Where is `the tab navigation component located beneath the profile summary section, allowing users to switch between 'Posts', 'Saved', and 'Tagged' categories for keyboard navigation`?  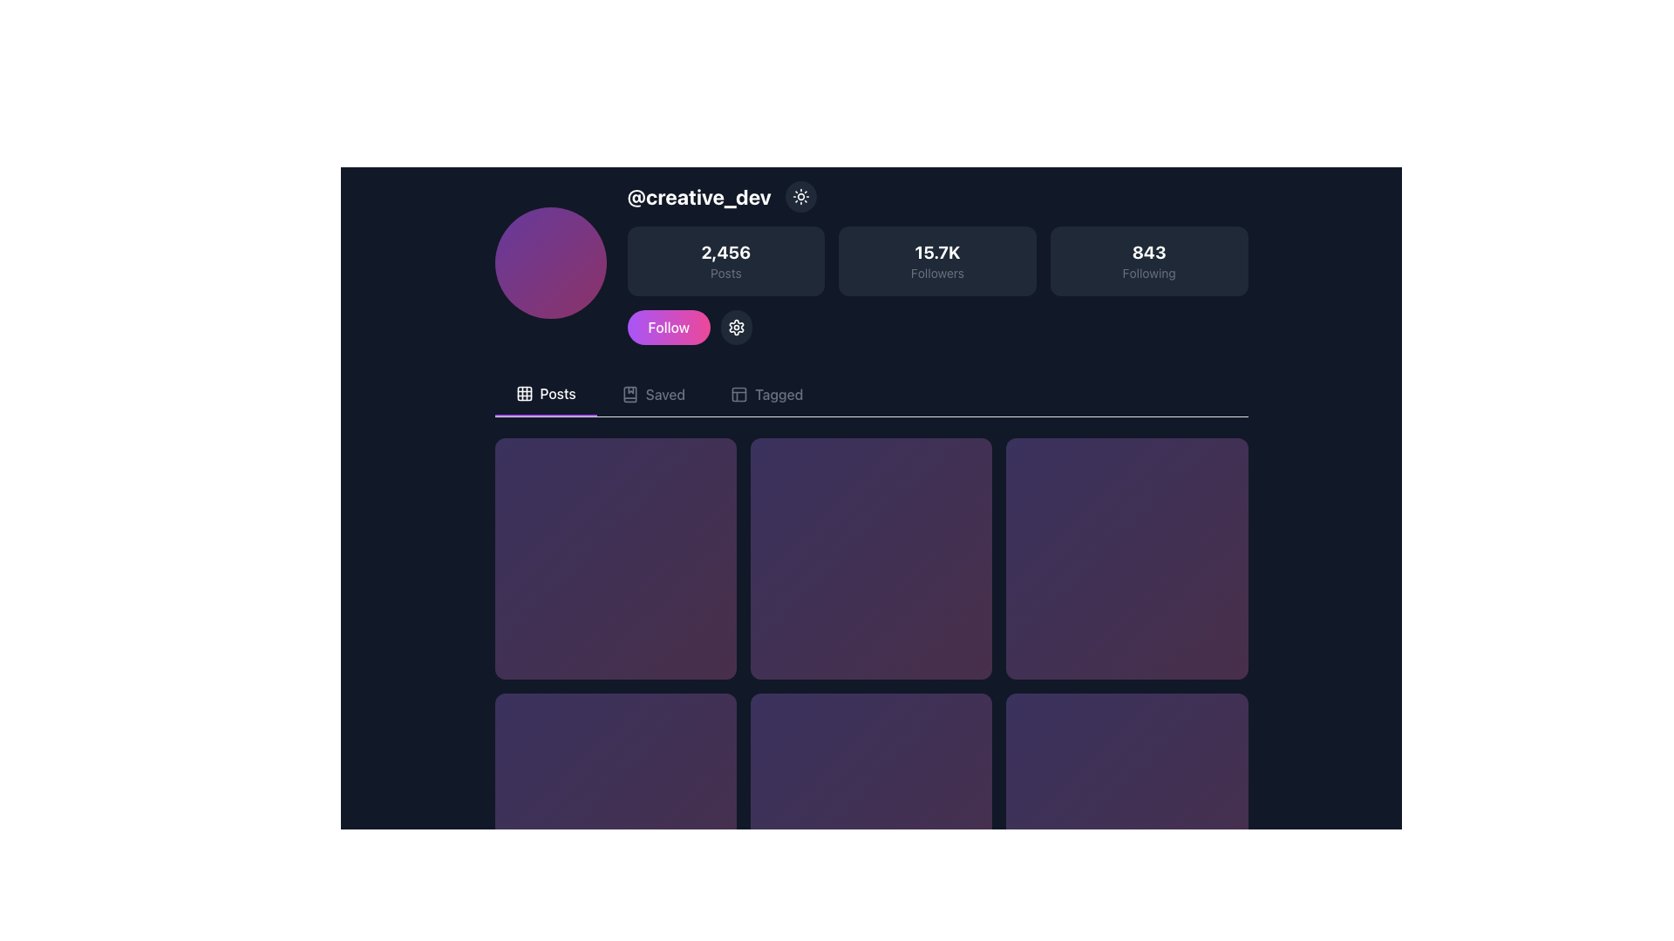 the tab navigation component located beneath the profile summary section, allowing users to switch between 'Posts', 'Saved', and 'Tagged' categories for keyboard navigation is located at coordinates (871, 395).